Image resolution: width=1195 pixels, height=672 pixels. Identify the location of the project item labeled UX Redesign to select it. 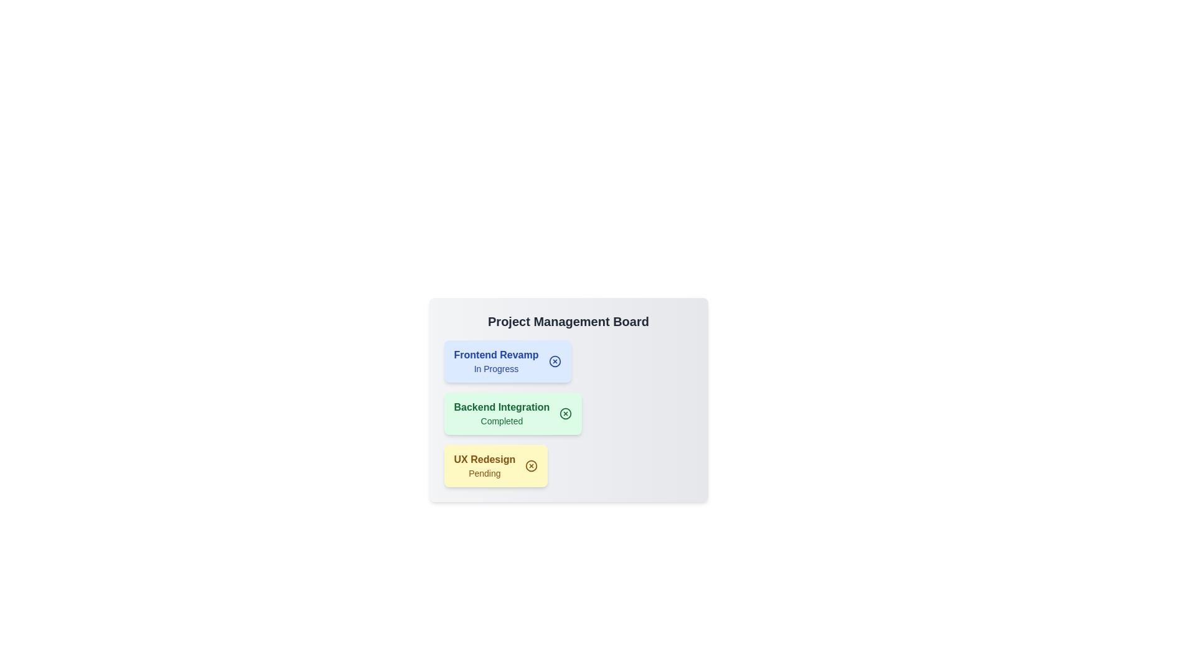
(484, 465).